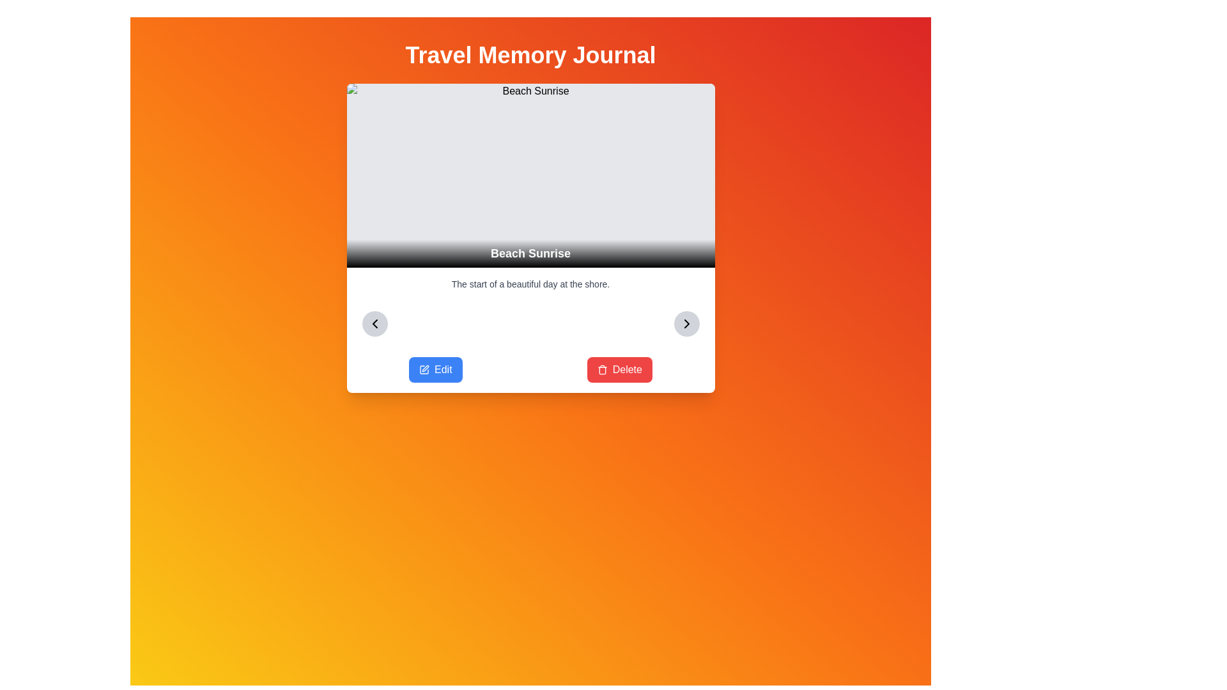 The height and width of the screenshot is (690, 1227). Describe the element at coordinates (530, 283) in the screenshot. I see `the Text label that provides a descriptive caption or explanation beneath the 'Beach Sunrise' title, centered horizontally within the card and above the 'Edit' and 'Delete' buttons` at that location.